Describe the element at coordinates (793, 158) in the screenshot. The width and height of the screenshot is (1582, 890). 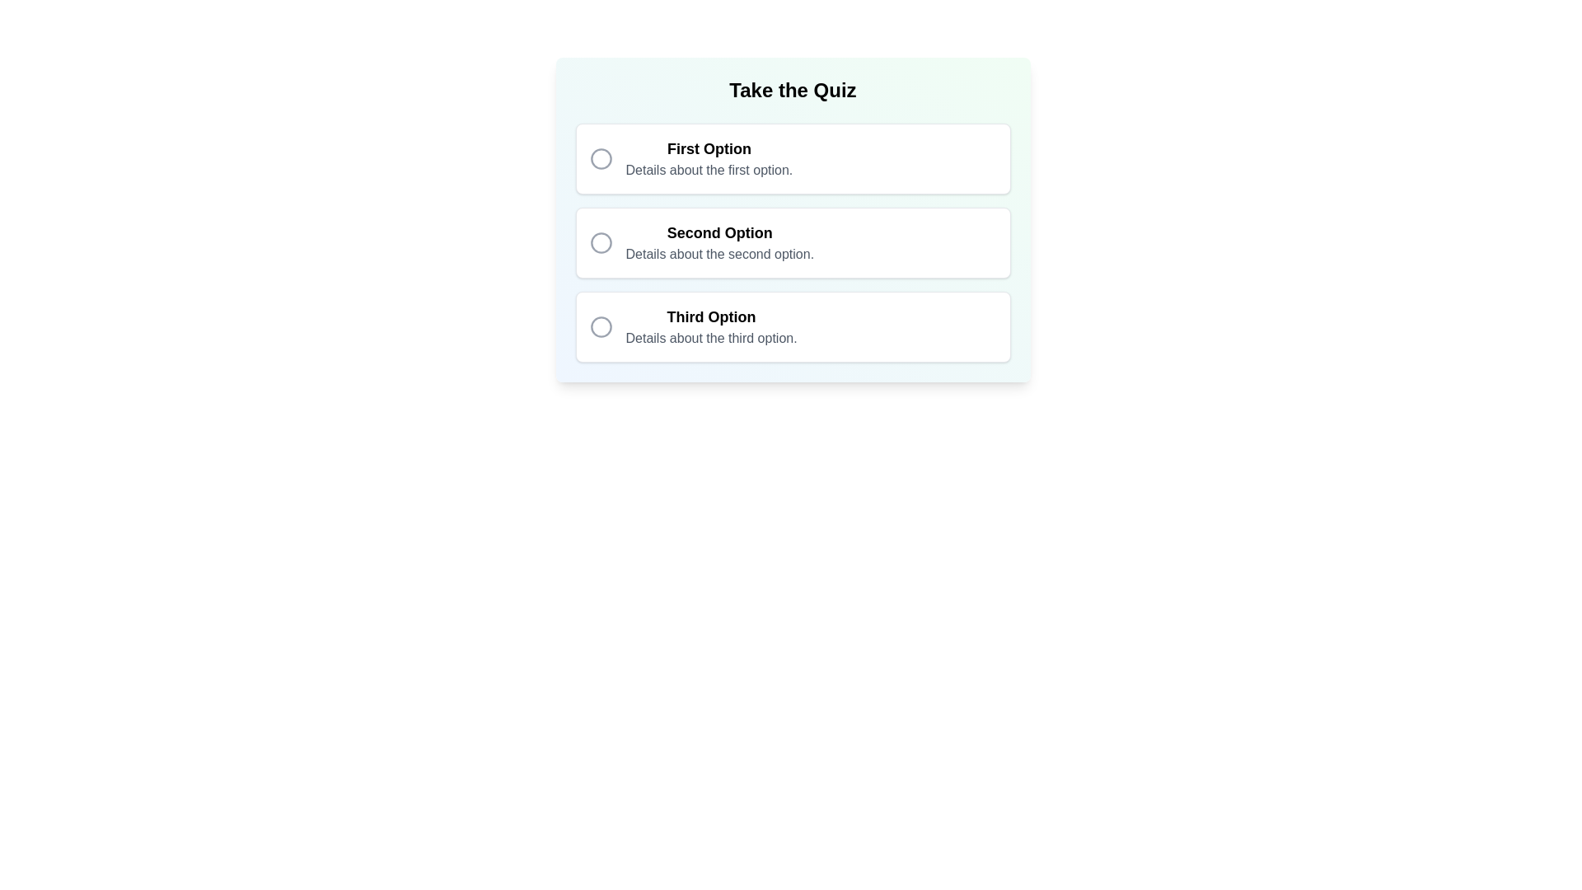
I see `the first radio option in the interactive option selector, which is positioned at the top of a vertically stacked list of options` at that location.